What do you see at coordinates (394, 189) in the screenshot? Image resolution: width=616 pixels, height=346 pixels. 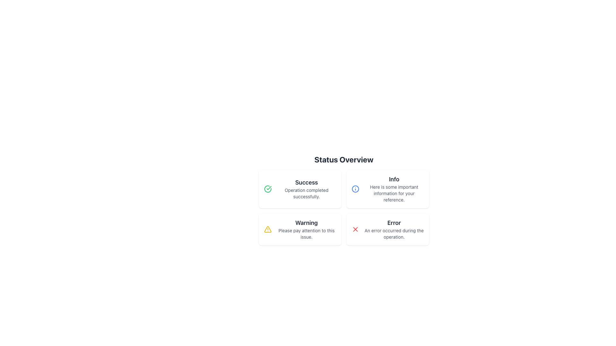 I see `information displayed on the Informational Card which features bold text labeled 'Info' and additional details below it, located in the upper-right quadrant of the 'Status Overview' section` at bounding box center [394, 189].